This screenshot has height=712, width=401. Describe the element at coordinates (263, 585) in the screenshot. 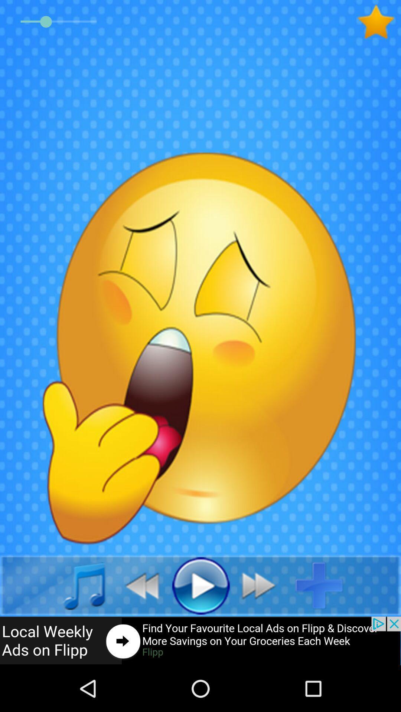

I see `the av_forward icon` at that location.